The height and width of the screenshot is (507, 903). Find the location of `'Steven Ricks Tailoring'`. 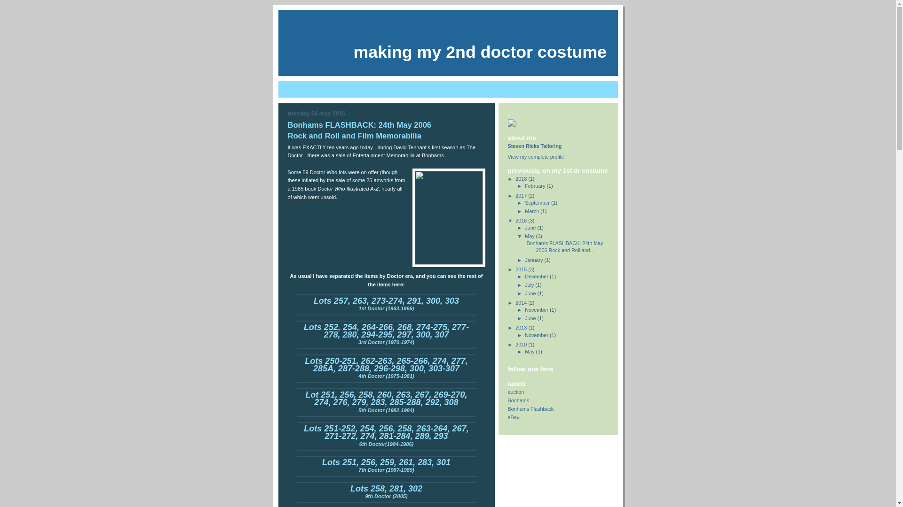

'Steven Ricks Tailoring' is located at coordinates (507, 146).